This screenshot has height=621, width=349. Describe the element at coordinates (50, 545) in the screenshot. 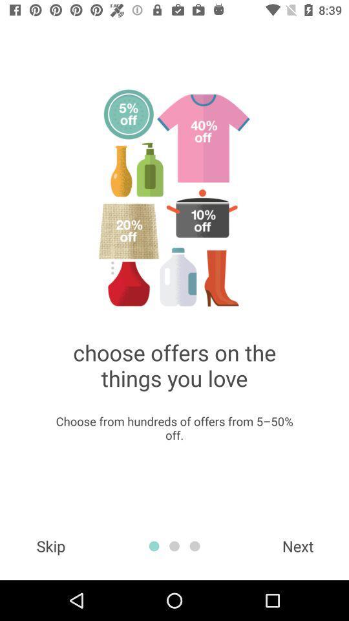

I see `skip icon` at that location.